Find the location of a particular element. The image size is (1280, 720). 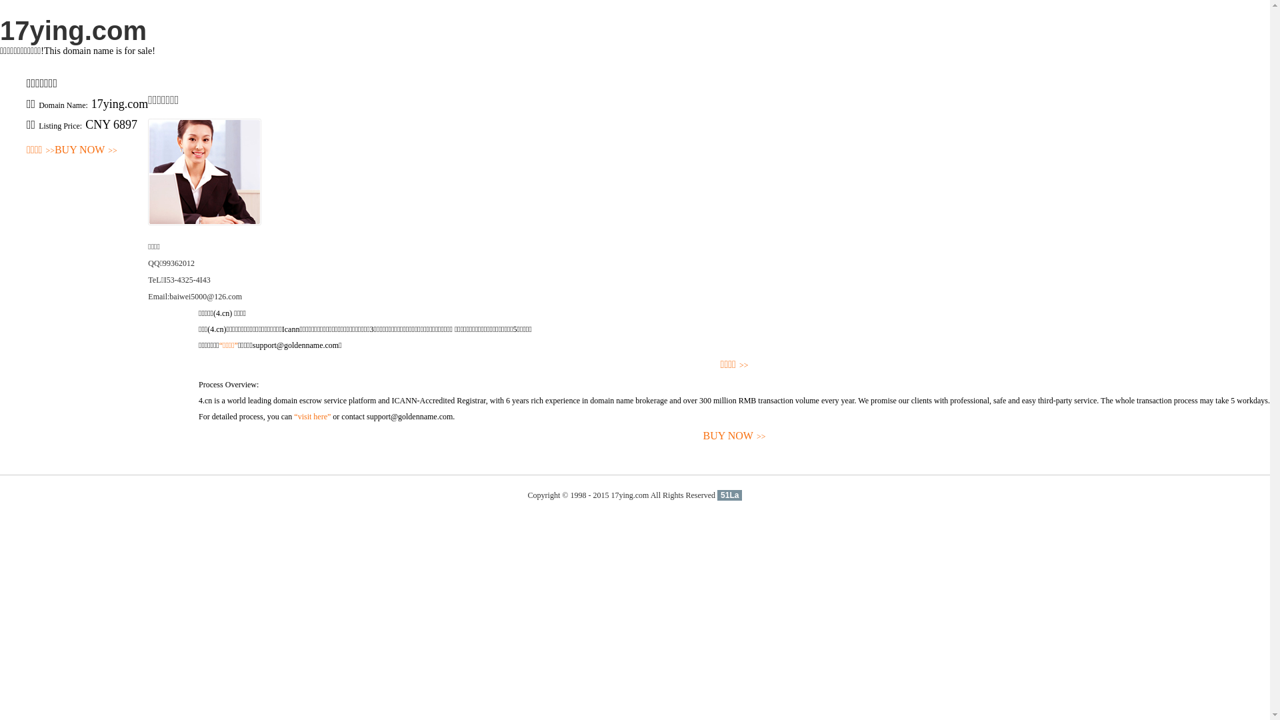

'BUY NOW>>' is located at coordinates (53, 150).